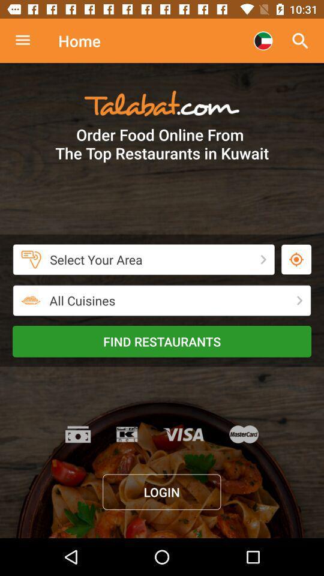 This screenshot has width=324, height=576. I want to click on temperature, so click(296, 259).